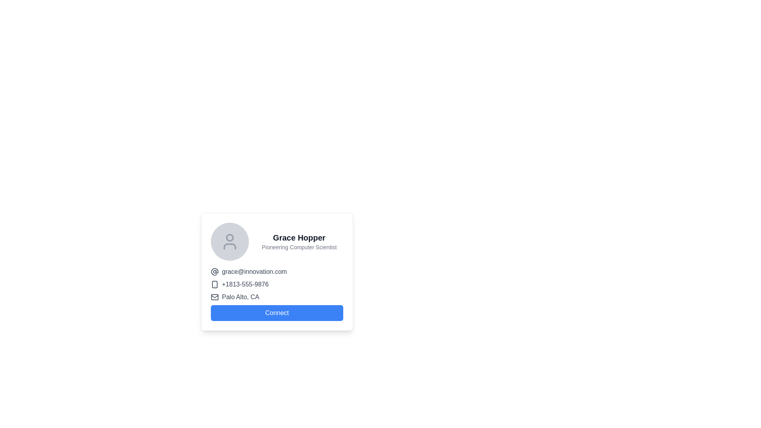 The height and width of the screenshot is (428, 761). I want to click on the static text element displaying the phone number '+1813-555-9876', so click(245, 284).